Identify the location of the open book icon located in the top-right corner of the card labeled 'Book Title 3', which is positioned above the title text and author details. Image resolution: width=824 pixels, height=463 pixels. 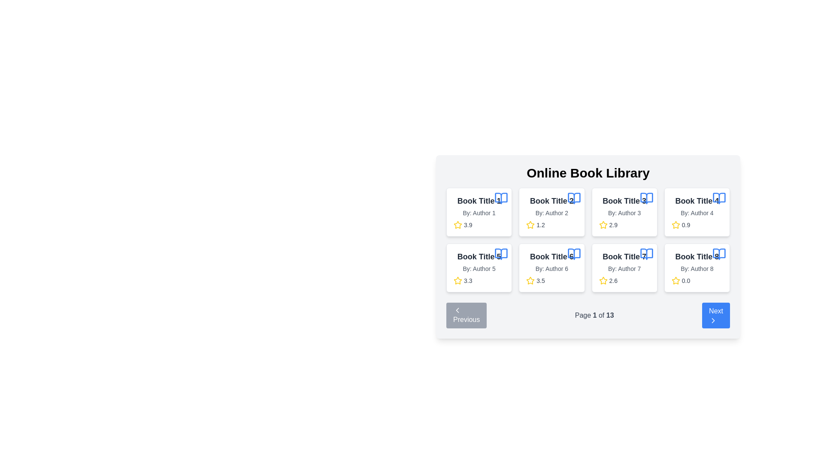
(646, 198).